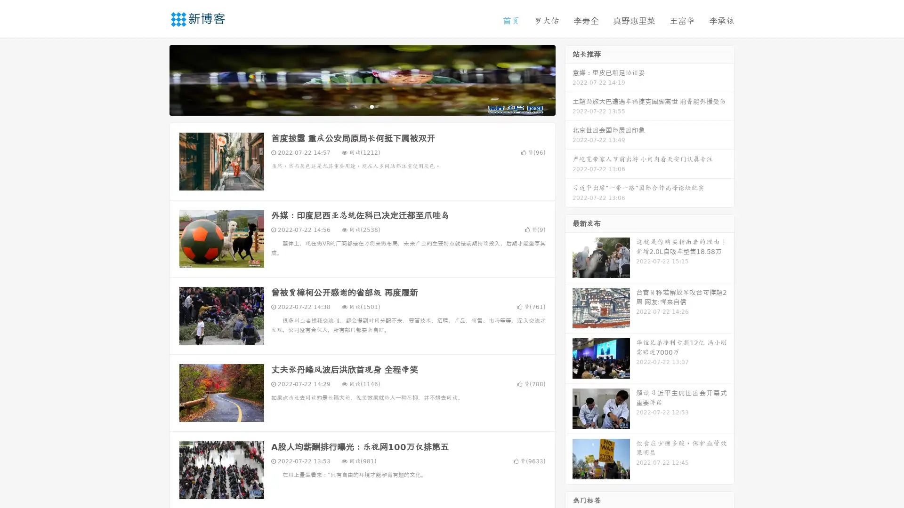  I want to click on Next slide, so click(569, 79).